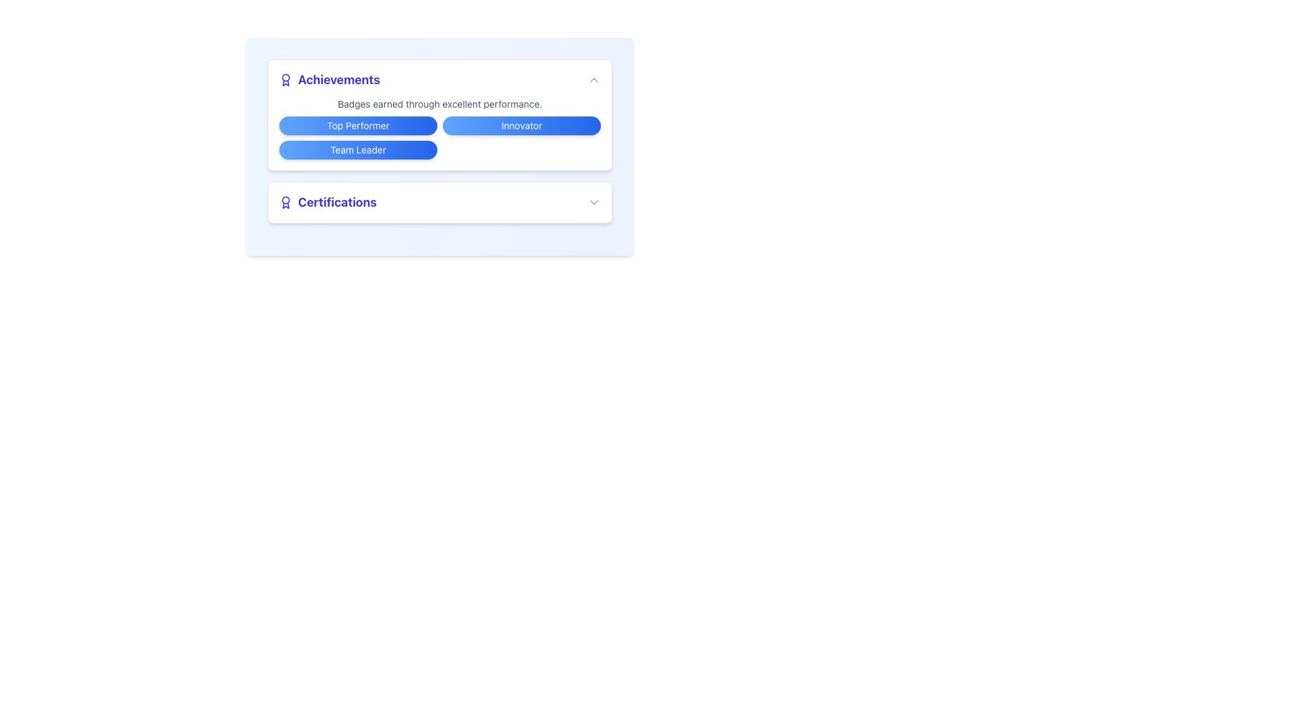 The width and height of the screenshot is (1292, 727). What do you see at coordinates (358, 125) in the screenshot?
I see `the 'Top Performer' badge, which indicates an achievement and is located in the top left corner of the badge group below the 'Achievements' section` at bounding box center [358, 125].